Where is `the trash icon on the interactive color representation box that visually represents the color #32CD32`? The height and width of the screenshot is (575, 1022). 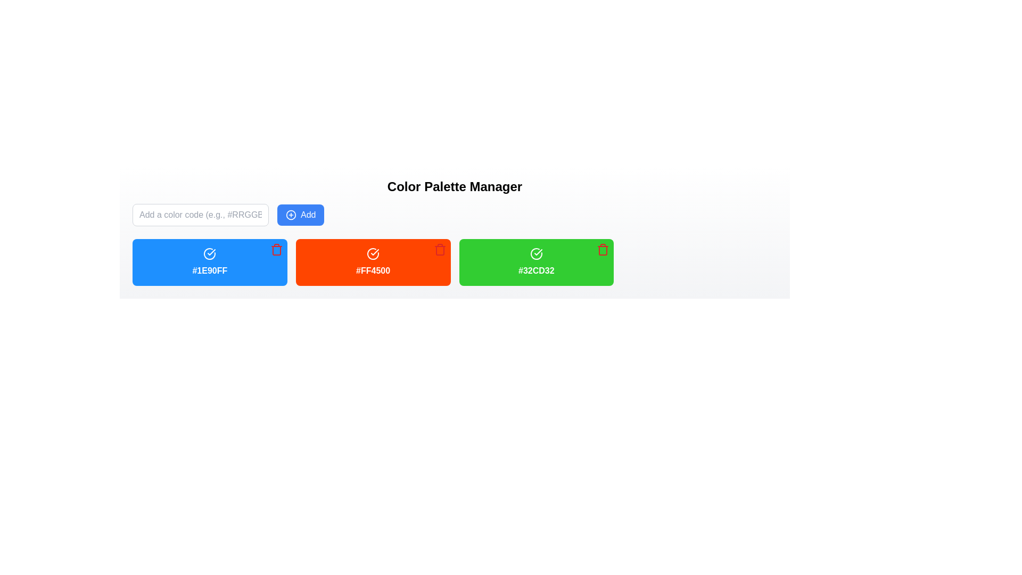 the trash icon on the interactive color representation box that visually represents the color #32CD32 is located at coordinates (536, 262).